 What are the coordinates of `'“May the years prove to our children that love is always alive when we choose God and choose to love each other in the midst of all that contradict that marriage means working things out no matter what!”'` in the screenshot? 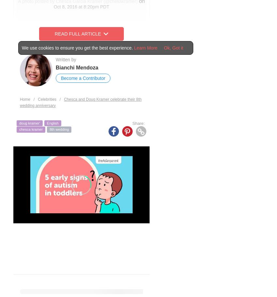 It's located at (20, 112).